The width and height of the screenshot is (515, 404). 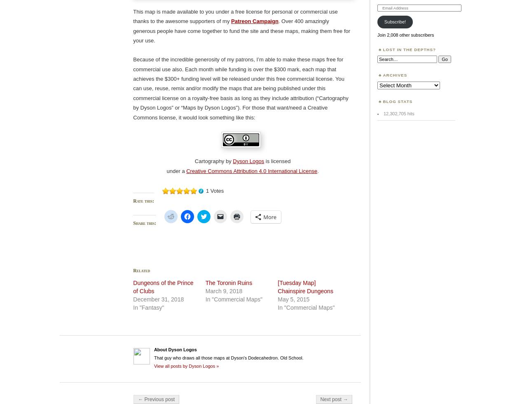 I want to click on 'under a', so click(x=166, y=170).